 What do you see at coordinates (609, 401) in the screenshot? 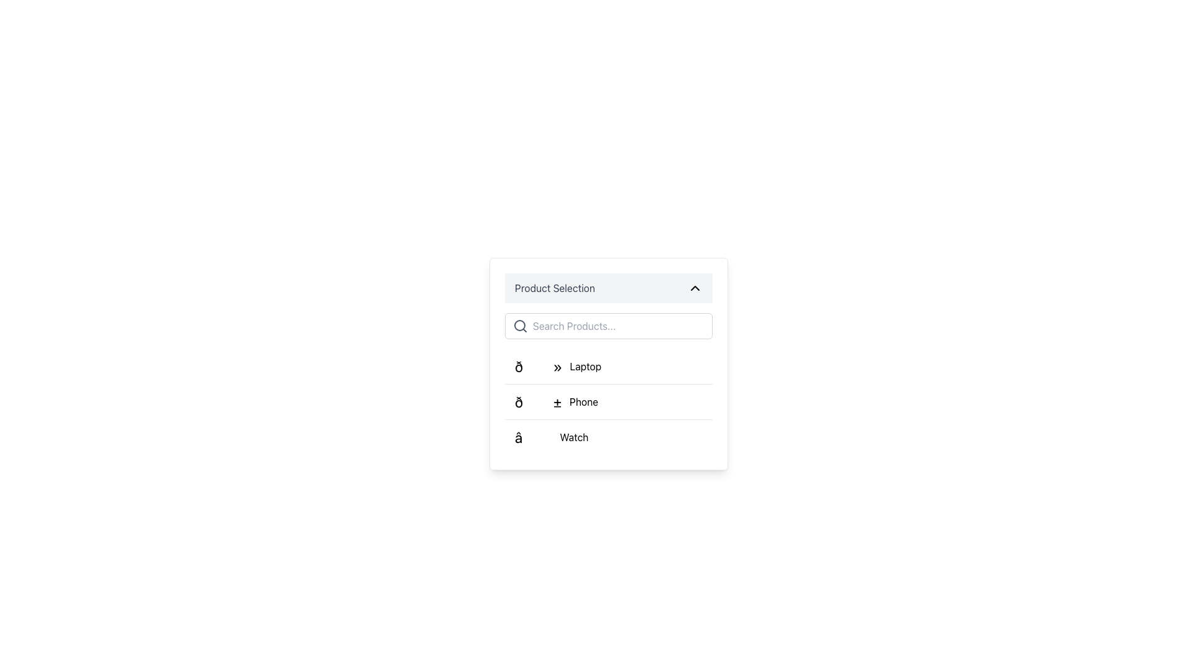
I see `the second list item labeled 'Phone' in the dropdown menu 'Product Selection'` at bounding box center [609, 401].